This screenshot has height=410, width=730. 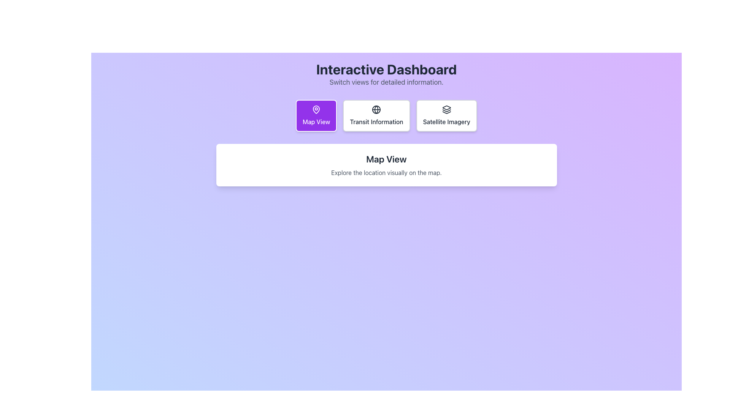 What do you see at coordinates (376, 110) in the screenshot?
I see `the circular component of the globe icon within the 'Transit Information' button, which is centrally located among the three horizontally aligned buttons` at bounding box center [376, 110].